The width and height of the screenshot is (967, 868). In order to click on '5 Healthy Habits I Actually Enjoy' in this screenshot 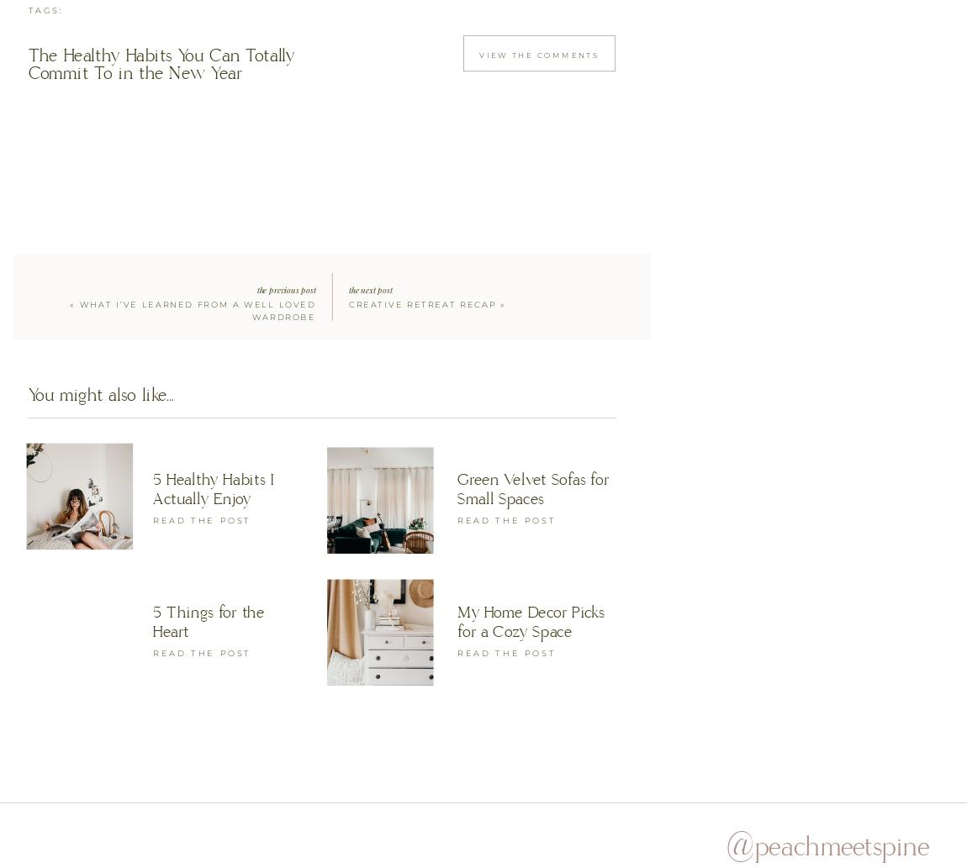, I will do `click(152, 487)`.